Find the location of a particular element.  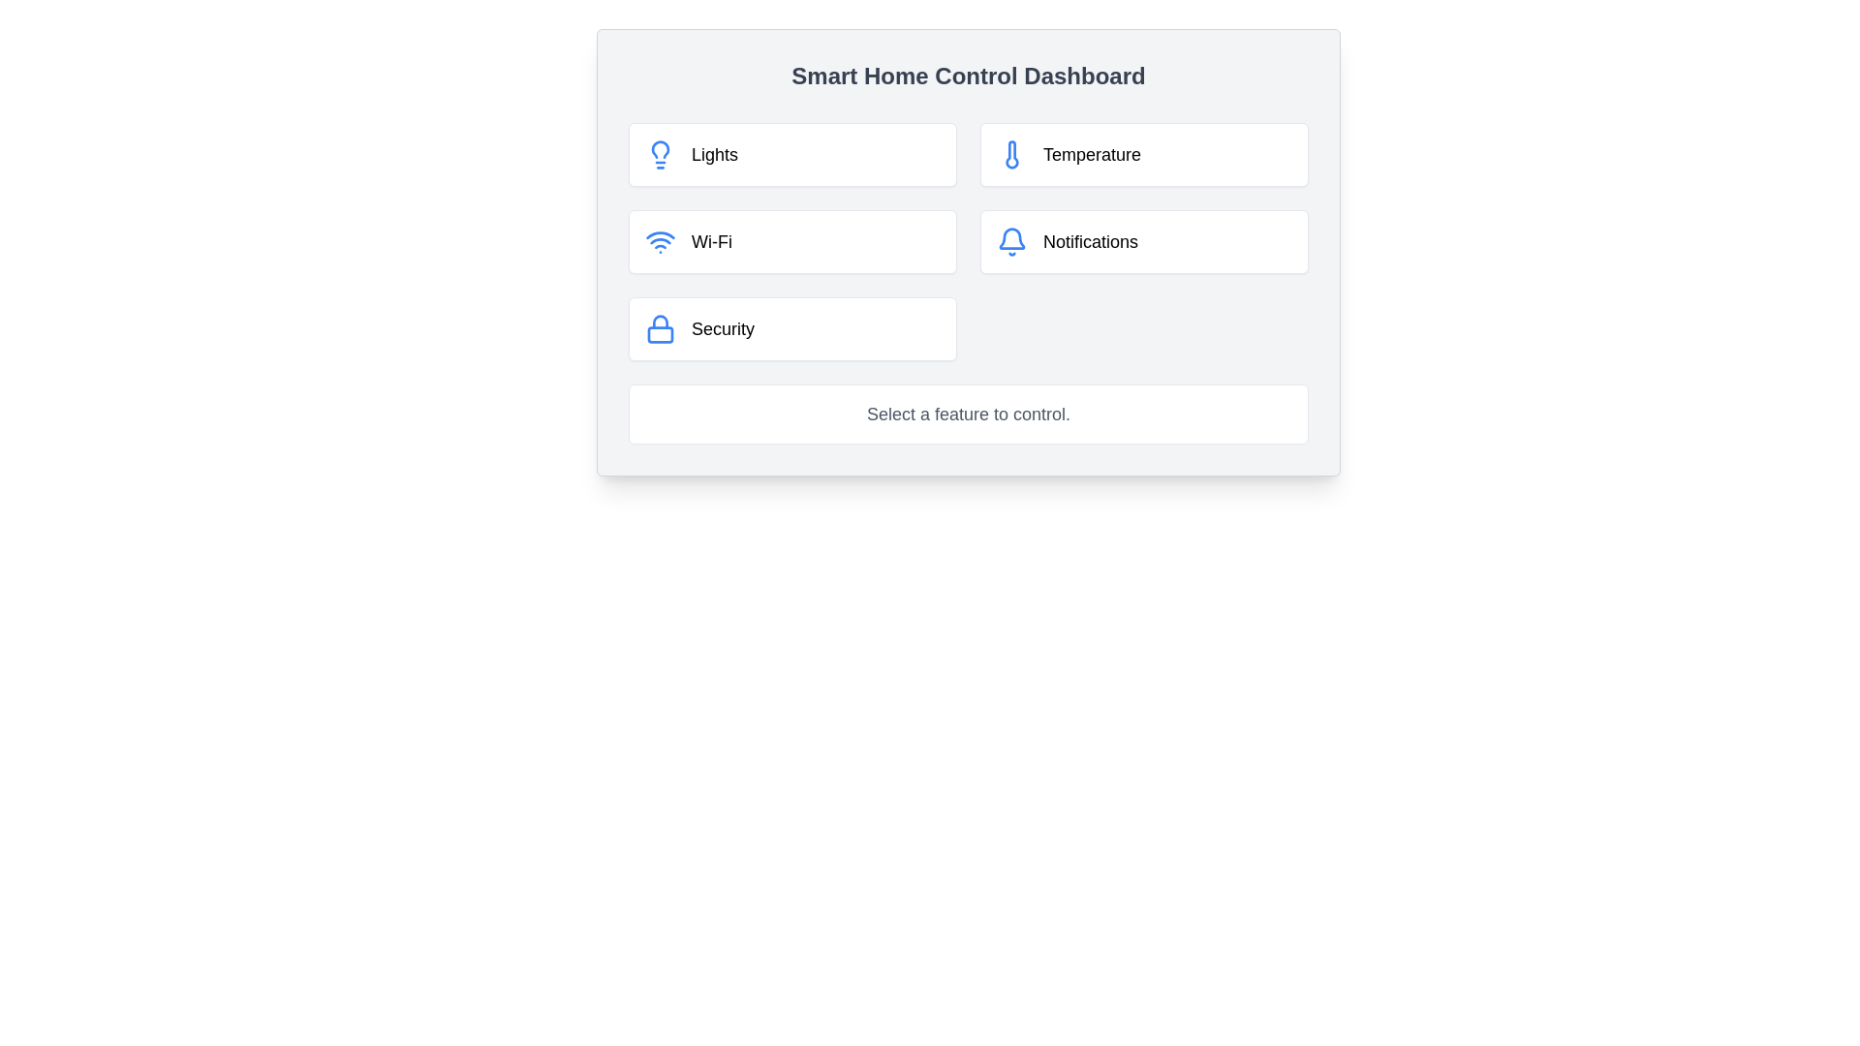

the lighting settings button located at the top-left corner of the grid layout is located at coordinates (792, 153).